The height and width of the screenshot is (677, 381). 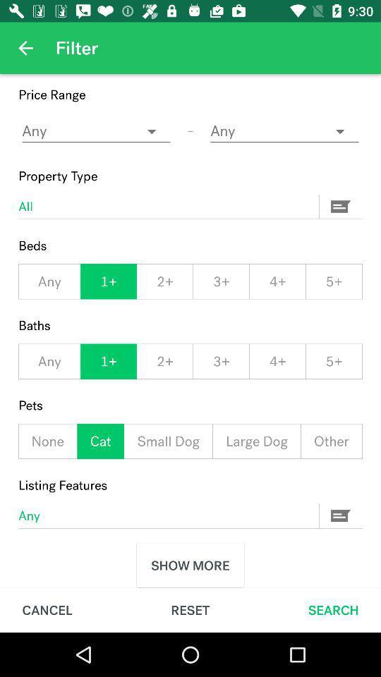 What do you see at coordinates (164, 281) in the screenshot?
I see `the first option 2 on the web page` at bounding box center [164, 281].